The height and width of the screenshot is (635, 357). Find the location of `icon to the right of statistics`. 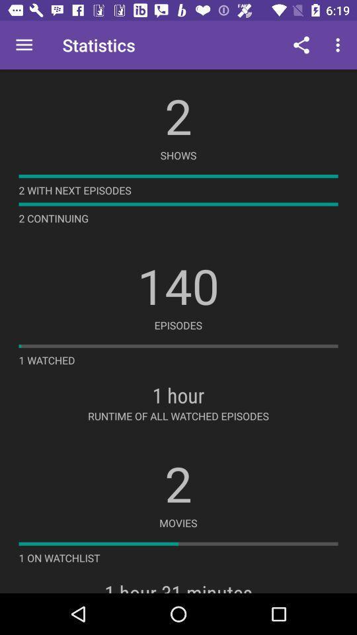

icon to the right of statistics is located at coordinates (301, 45).